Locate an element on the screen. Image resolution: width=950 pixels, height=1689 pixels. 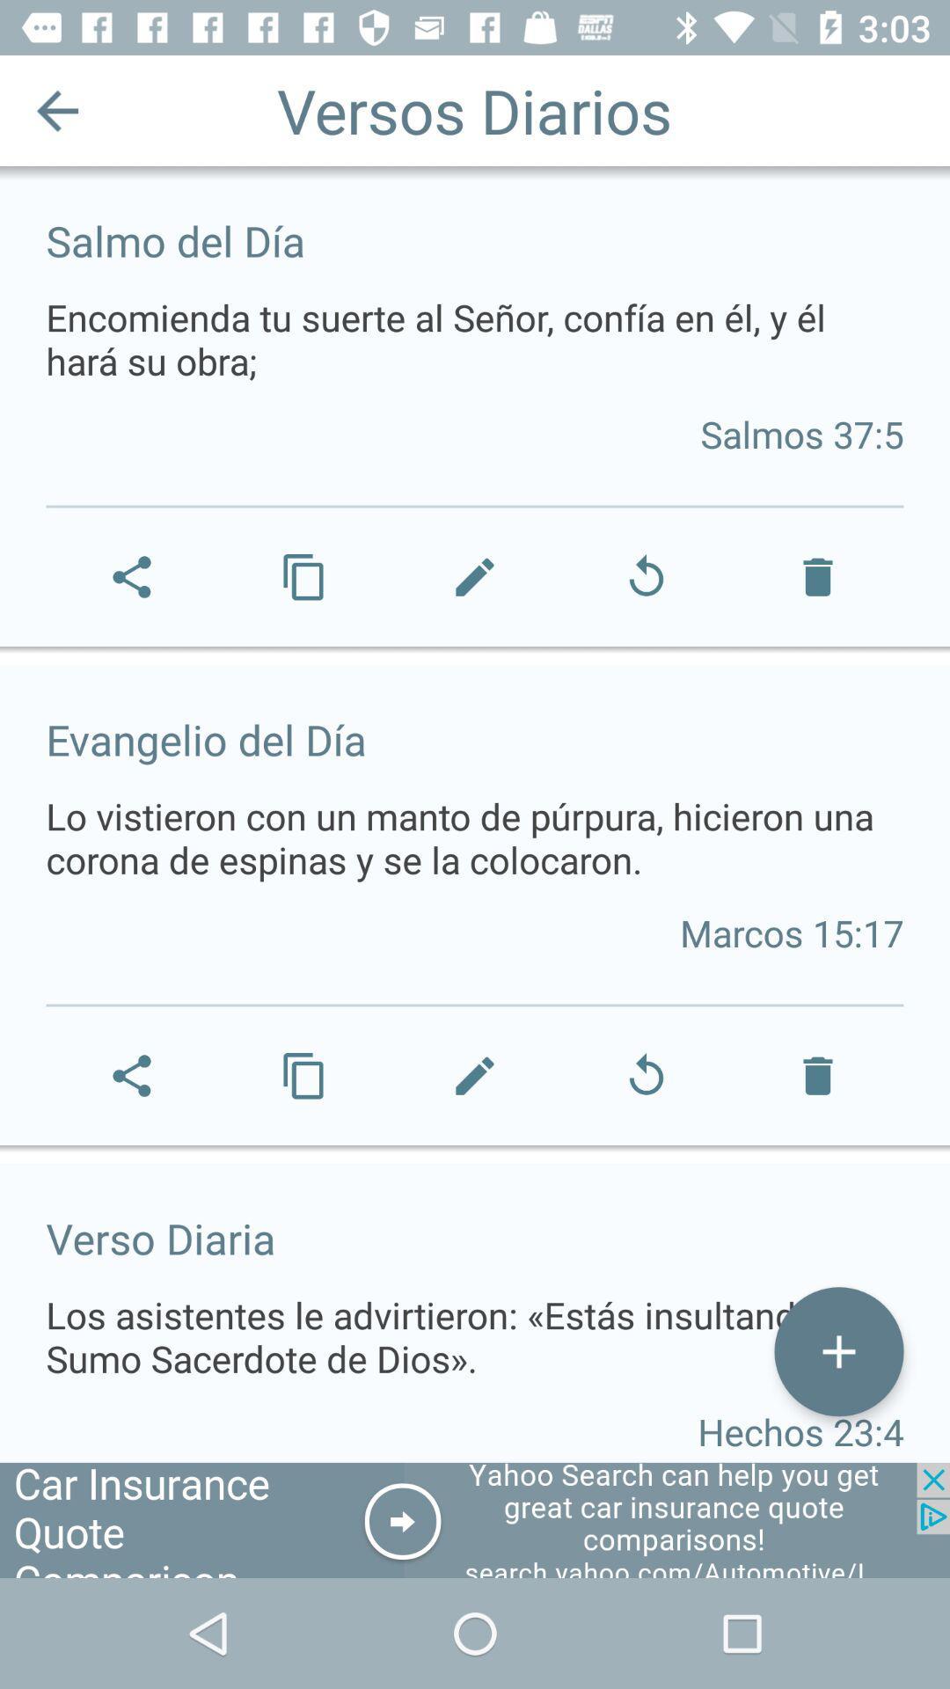
the add icon is located at coordinates (837, 1350).